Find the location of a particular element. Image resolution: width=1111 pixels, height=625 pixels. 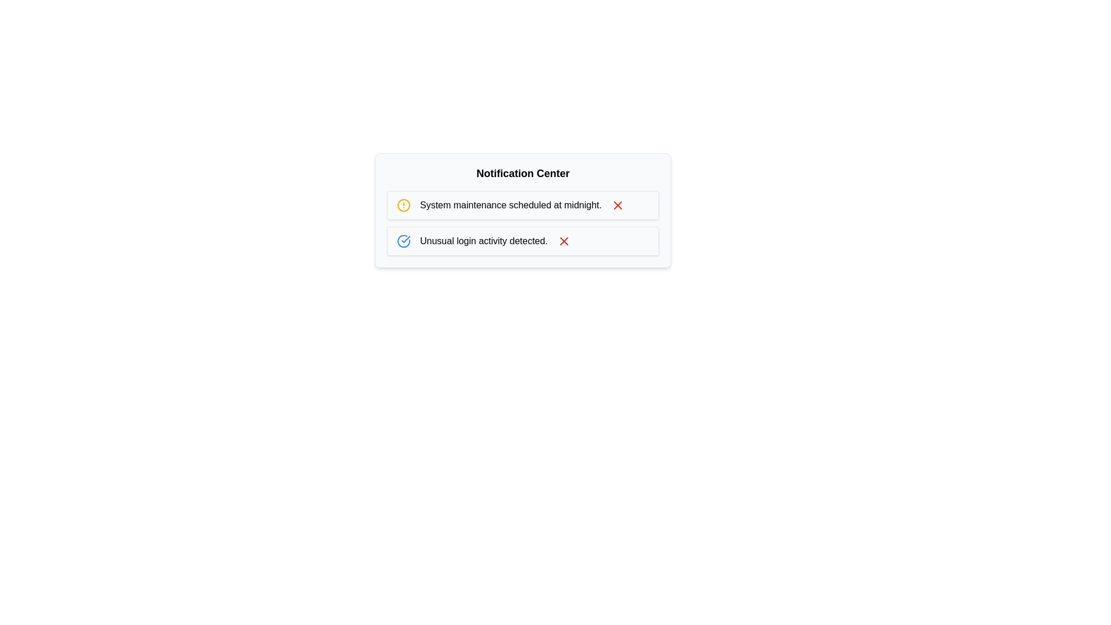

notification text which states 'Unusual login activity detected.' from the notification card styled with a rounded rectangle and a blue checkmark icon, located below the 'System maintenance scheduled at midnight' notification in the Notification Center is located at coordinates (522, 240).